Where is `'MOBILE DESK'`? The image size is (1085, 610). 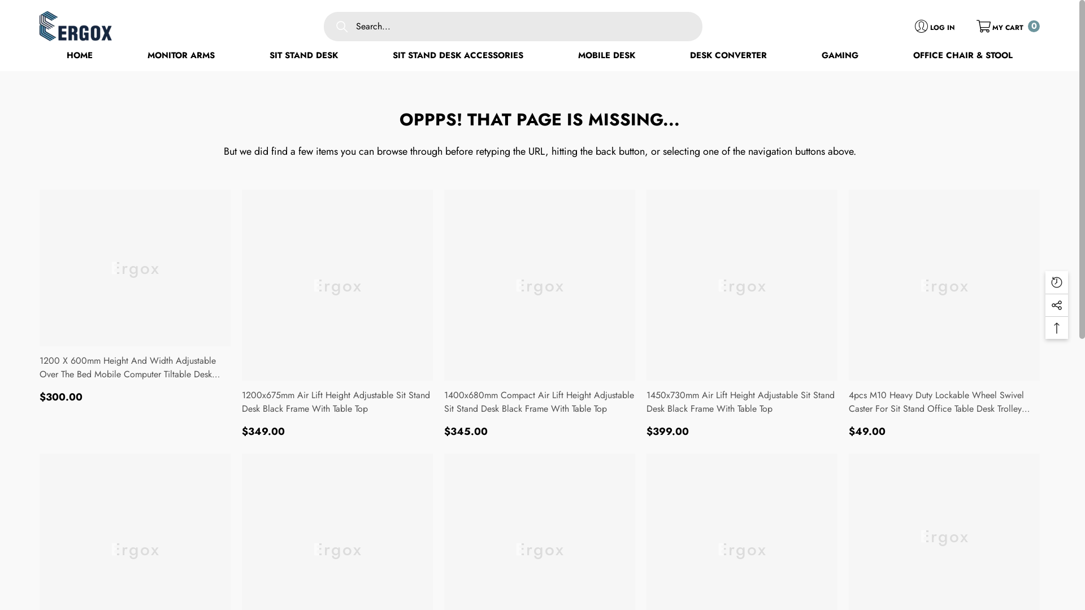
'MOBILE DESK' is located at coordinates (606, 56).